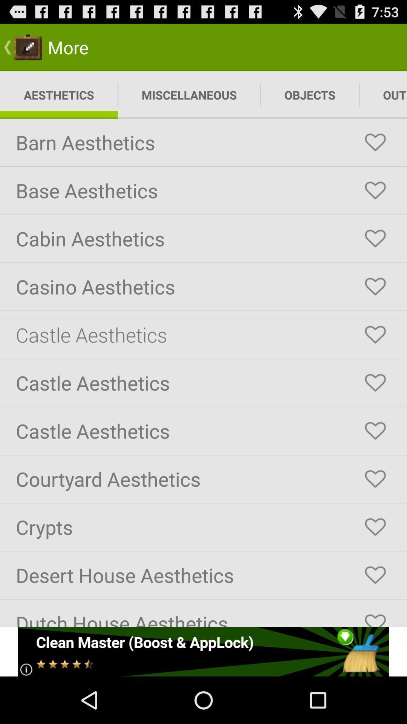 The image size is (407, 724). I want to click on advertisement, so click(203, 651).